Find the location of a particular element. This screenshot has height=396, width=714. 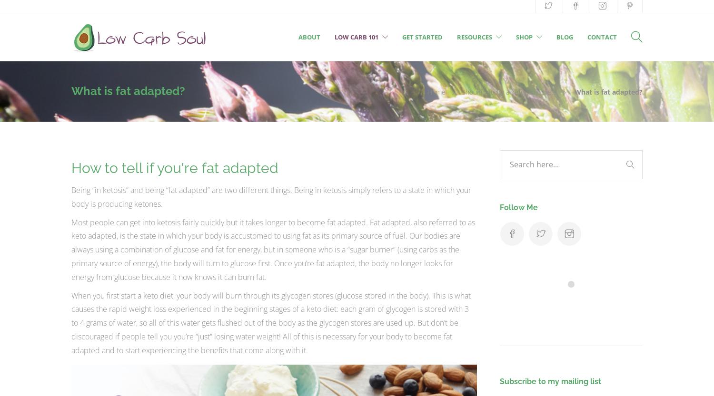

'About' is located at coordinates (309, 36).